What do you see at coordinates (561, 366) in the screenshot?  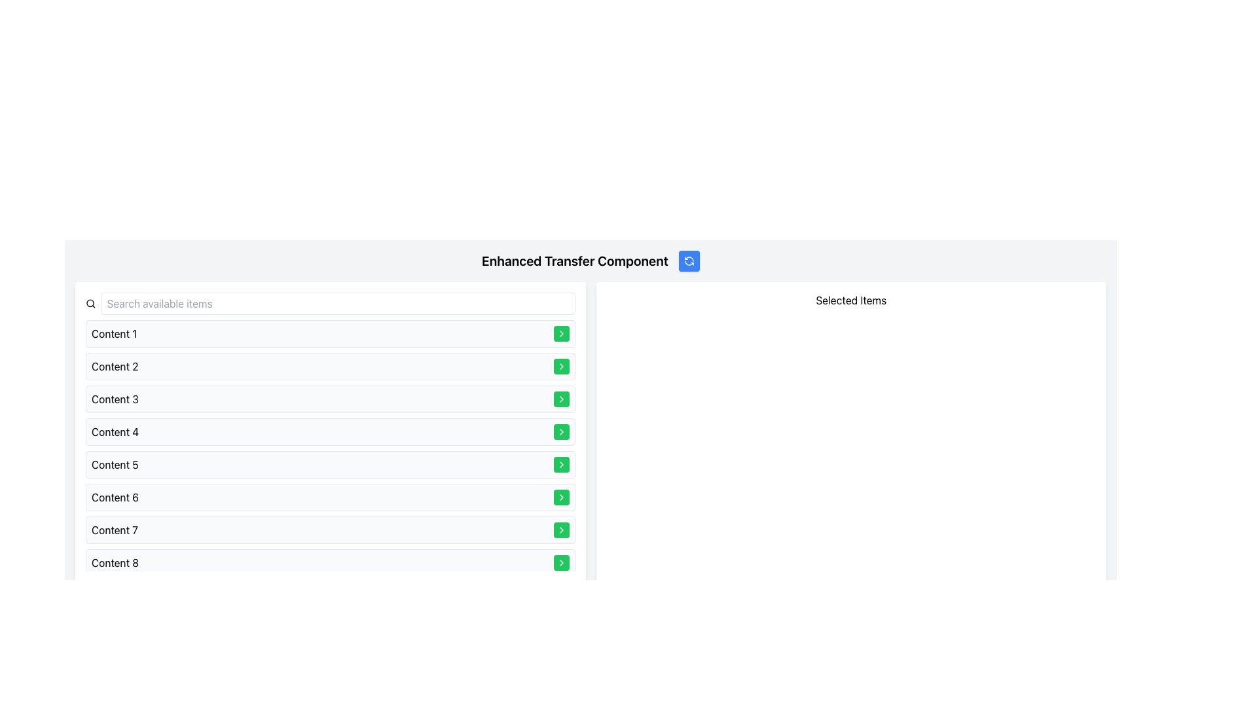 I see `the rightward-pointing arrow button with a green circular background next to 'Content 2'` at bounding box center [561, 366].